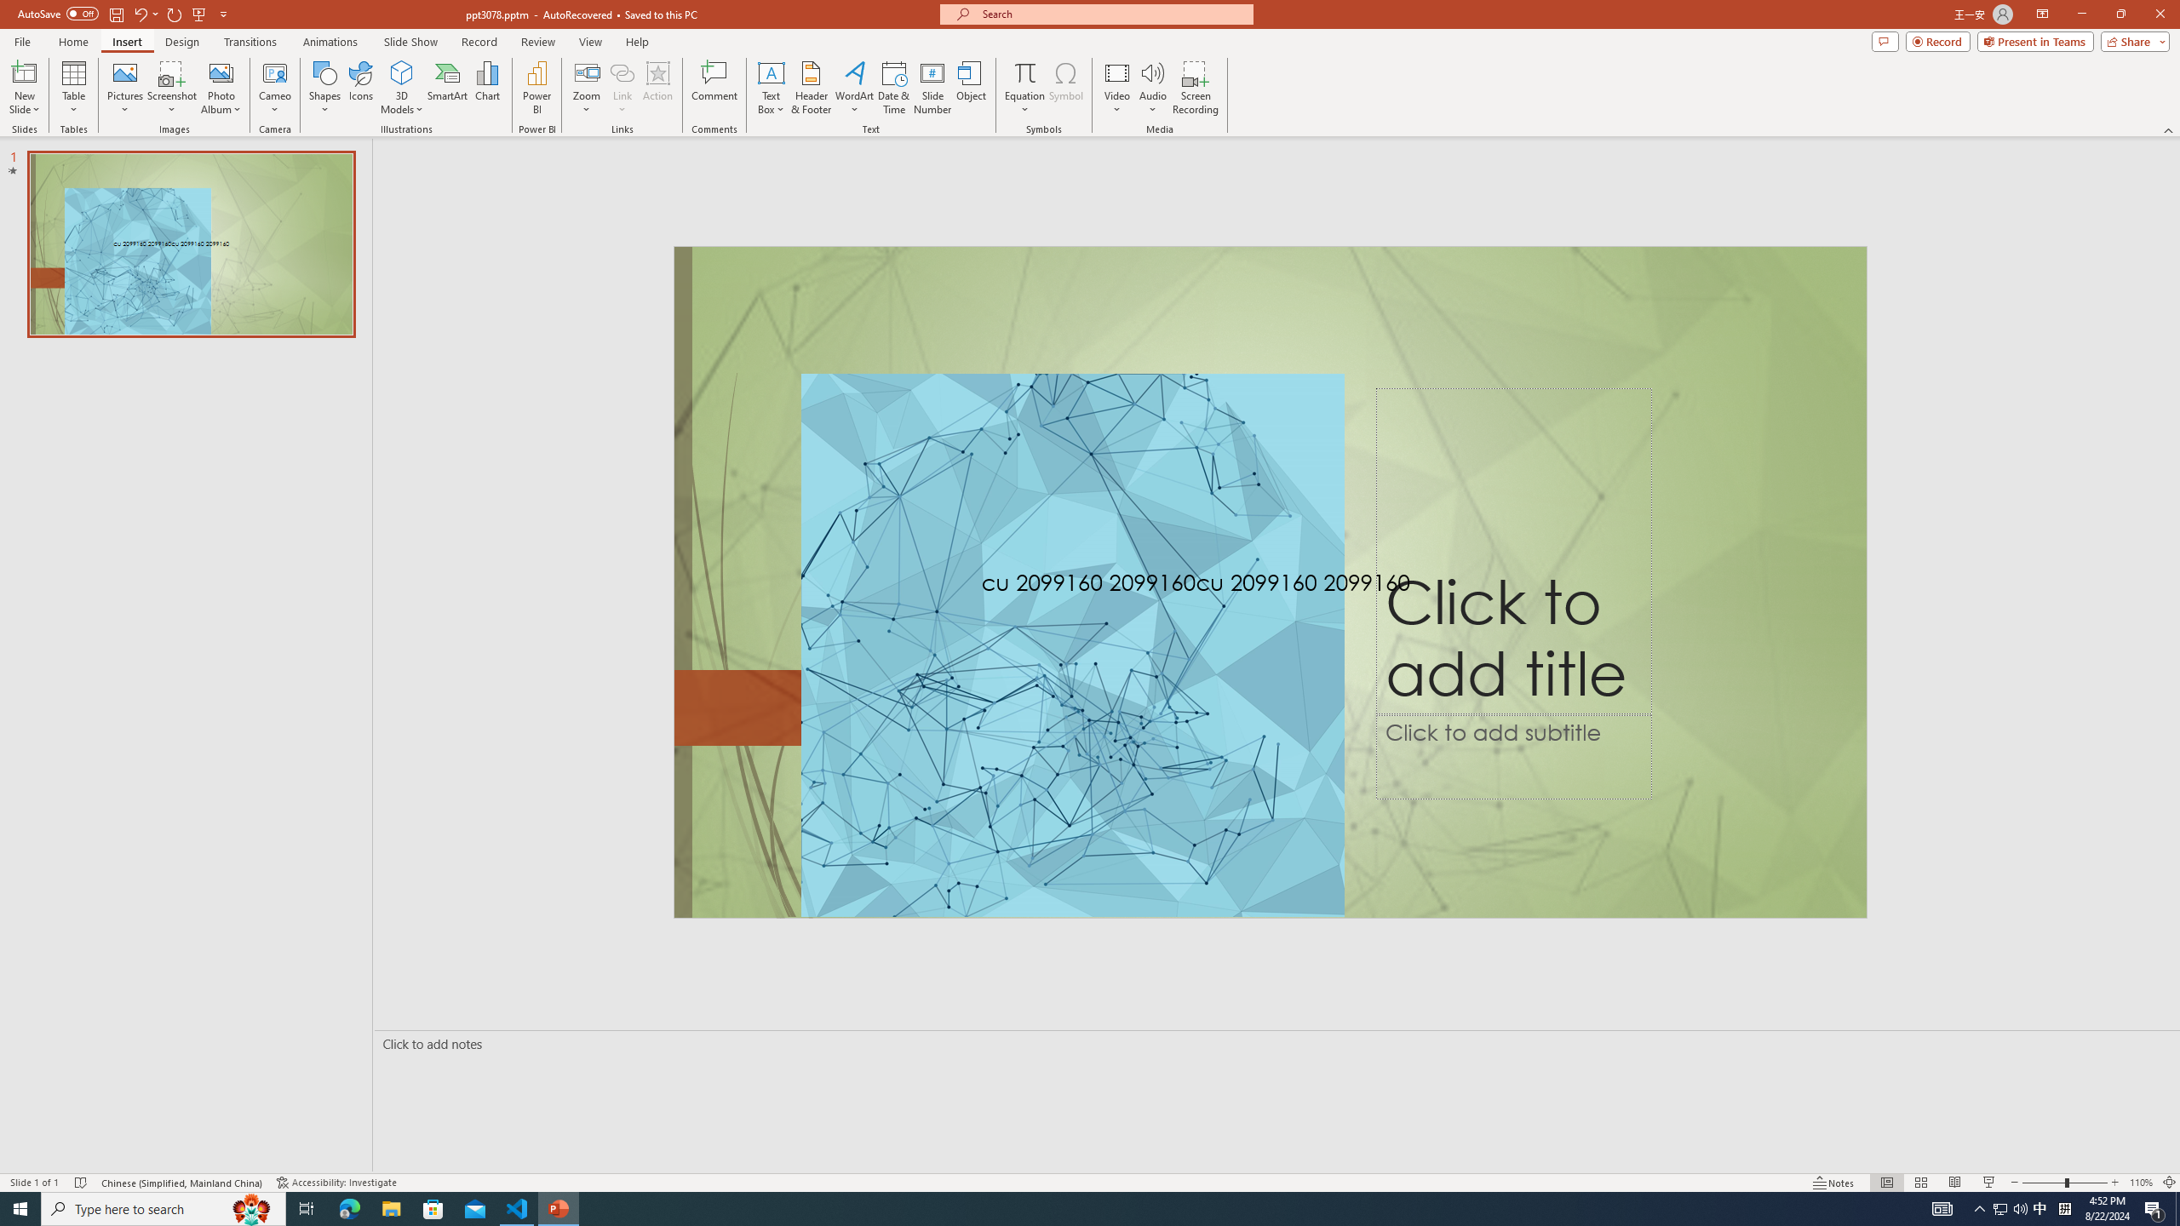  Describe the element at coordinates (537, 88) in the screenshot. I see `'Power BI'` at that location.